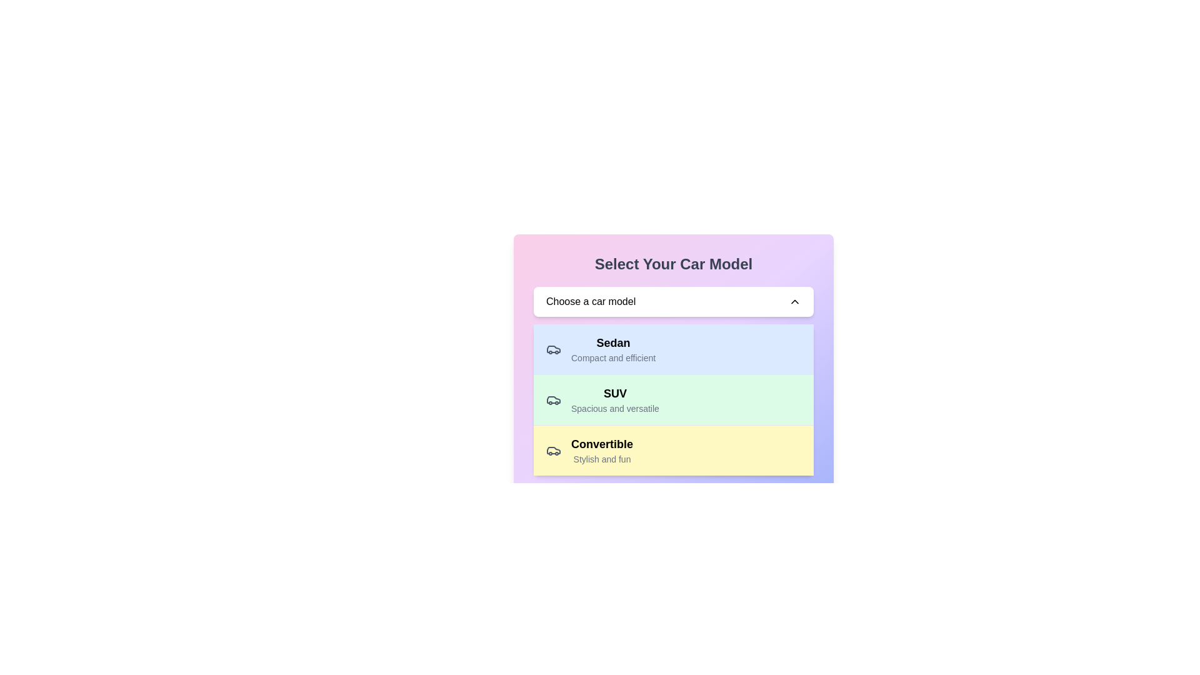  I want to click on the list item labeled 'Convertible' with a pale yellow background, so click(673, 450).